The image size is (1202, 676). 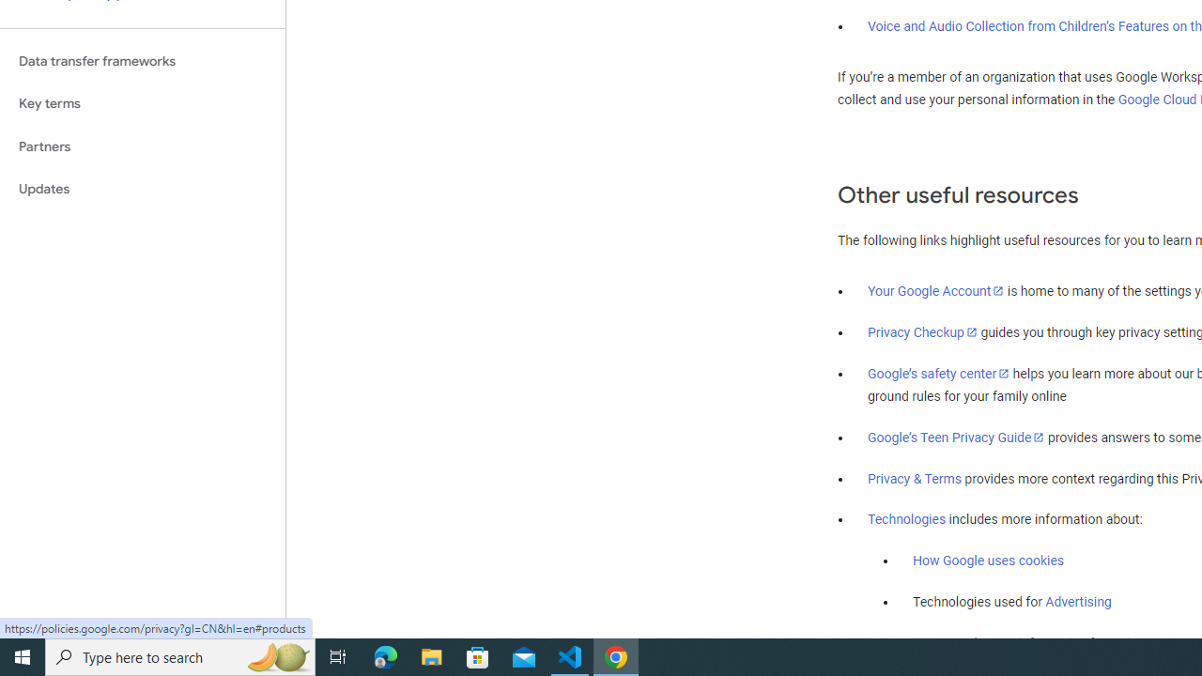 What do you see at coordinates (936, 290) in the screenshot?
I see `'Your Google Account'` at bounding box center [936, 290].